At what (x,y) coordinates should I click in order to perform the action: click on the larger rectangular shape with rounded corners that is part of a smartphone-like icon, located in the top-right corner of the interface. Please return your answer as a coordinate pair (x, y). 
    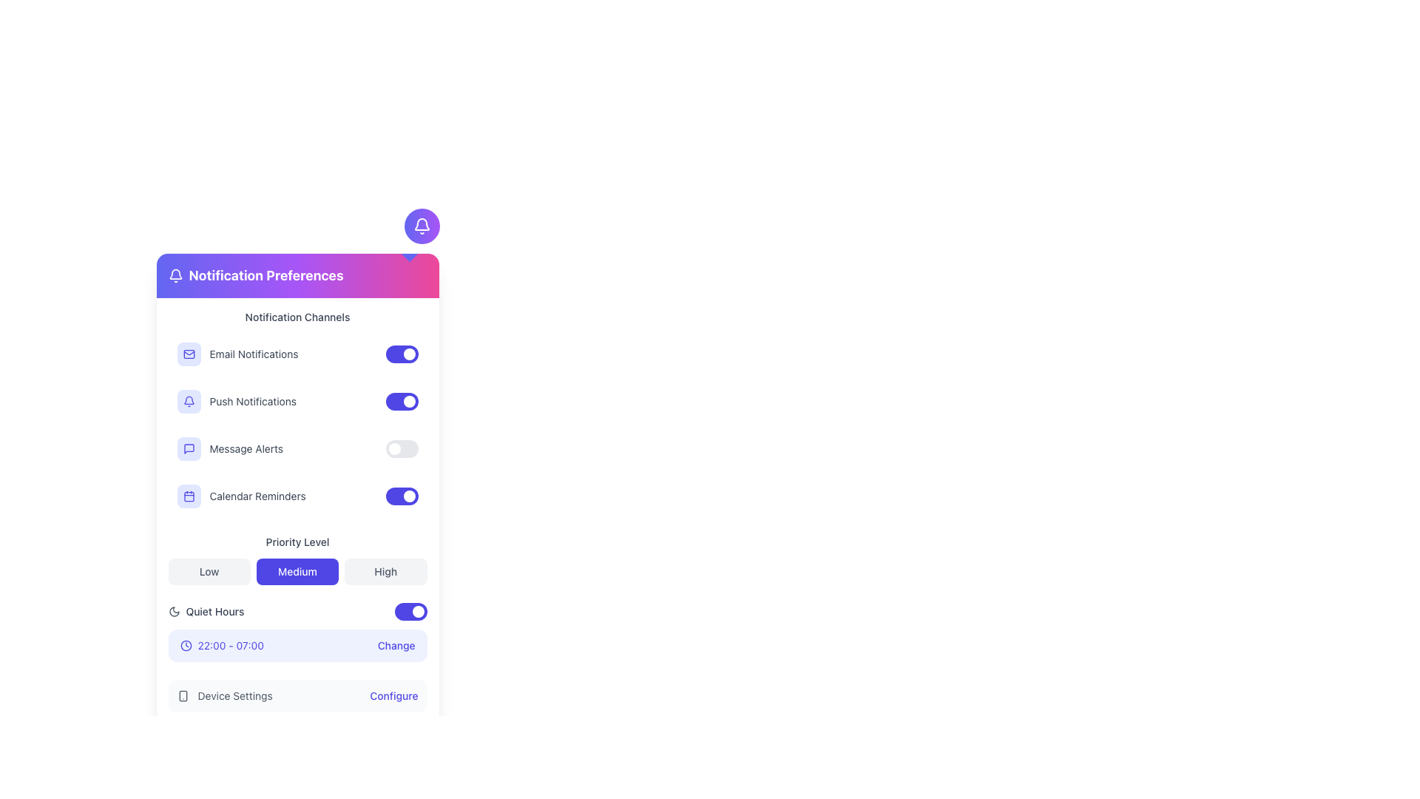
    Looking at the image, I should click on (182, 696).